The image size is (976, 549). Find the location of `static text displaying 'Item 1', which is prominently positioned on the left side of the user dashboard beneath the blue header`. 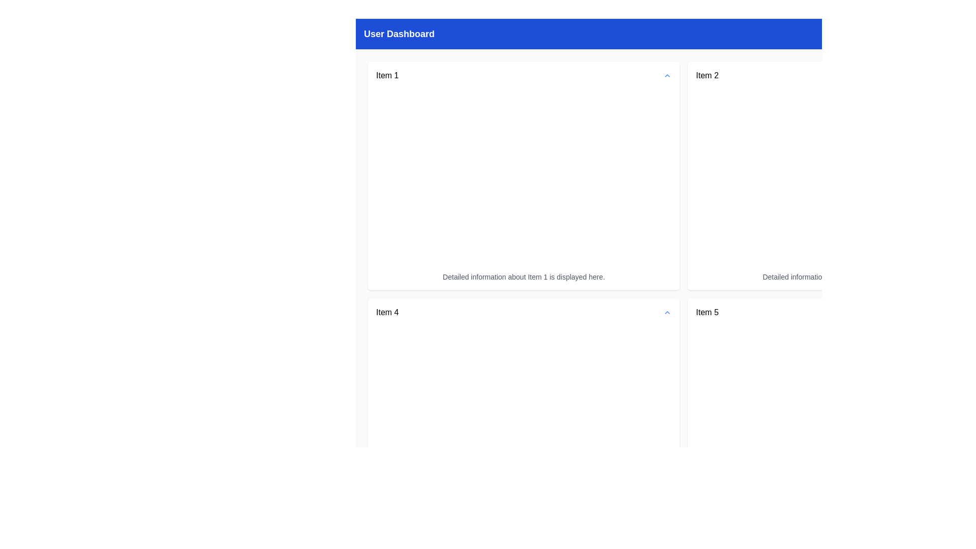

static text displaying 'Item 1', which is prominently positioned on the left side of the user dashboard beneath the blue header is located at coordinates (387, 75).